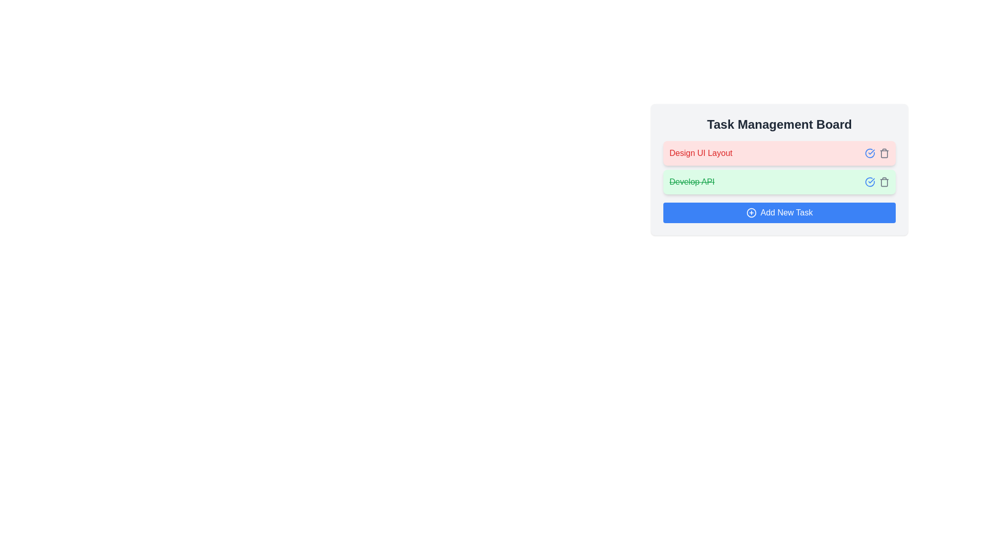 Image resolution: width=985 pixels, height=554 pixels. Describe the element at coordinates (876, 181) in the screenshot. I see `the blue checkmark icon in the Action group located to the far right of the 'Develop API' task row to mark the task as done` at that location.